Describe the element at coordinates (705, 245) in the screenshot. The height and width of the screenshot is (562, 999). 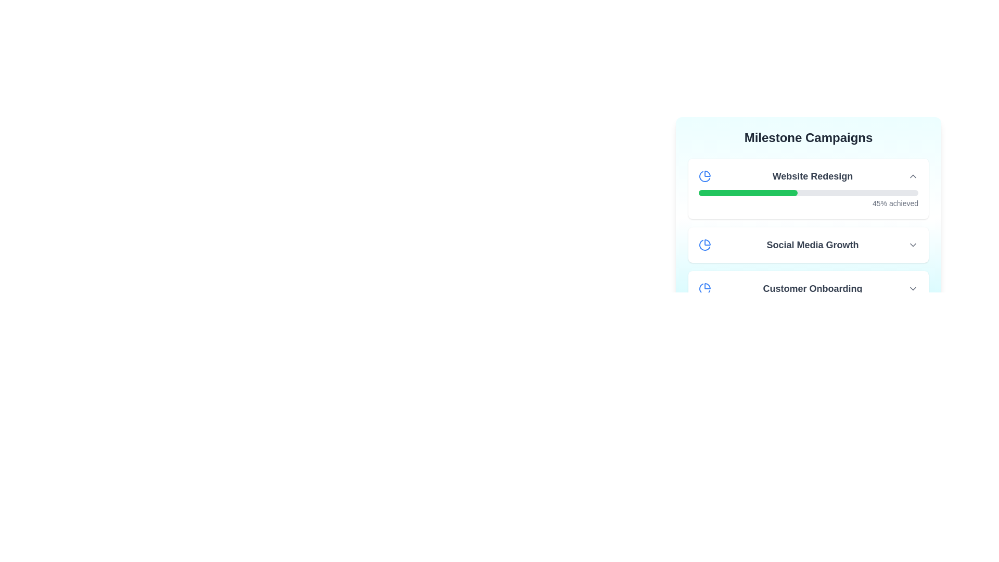
I see `the design of the icon representing statistical data related to 'Social Media Growth', located to the left of the text 'Social Media Growth'` at that location.